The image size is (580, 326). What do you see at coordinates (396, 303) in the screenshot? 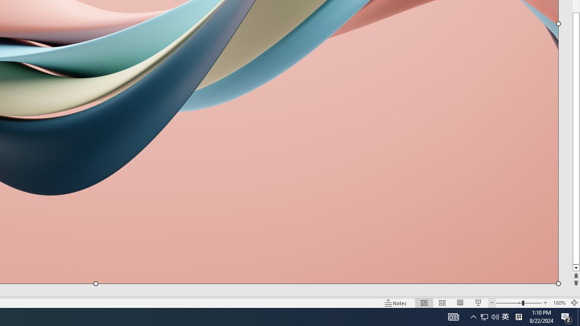
I see `'Notes '` at bounding box center [396, 303].